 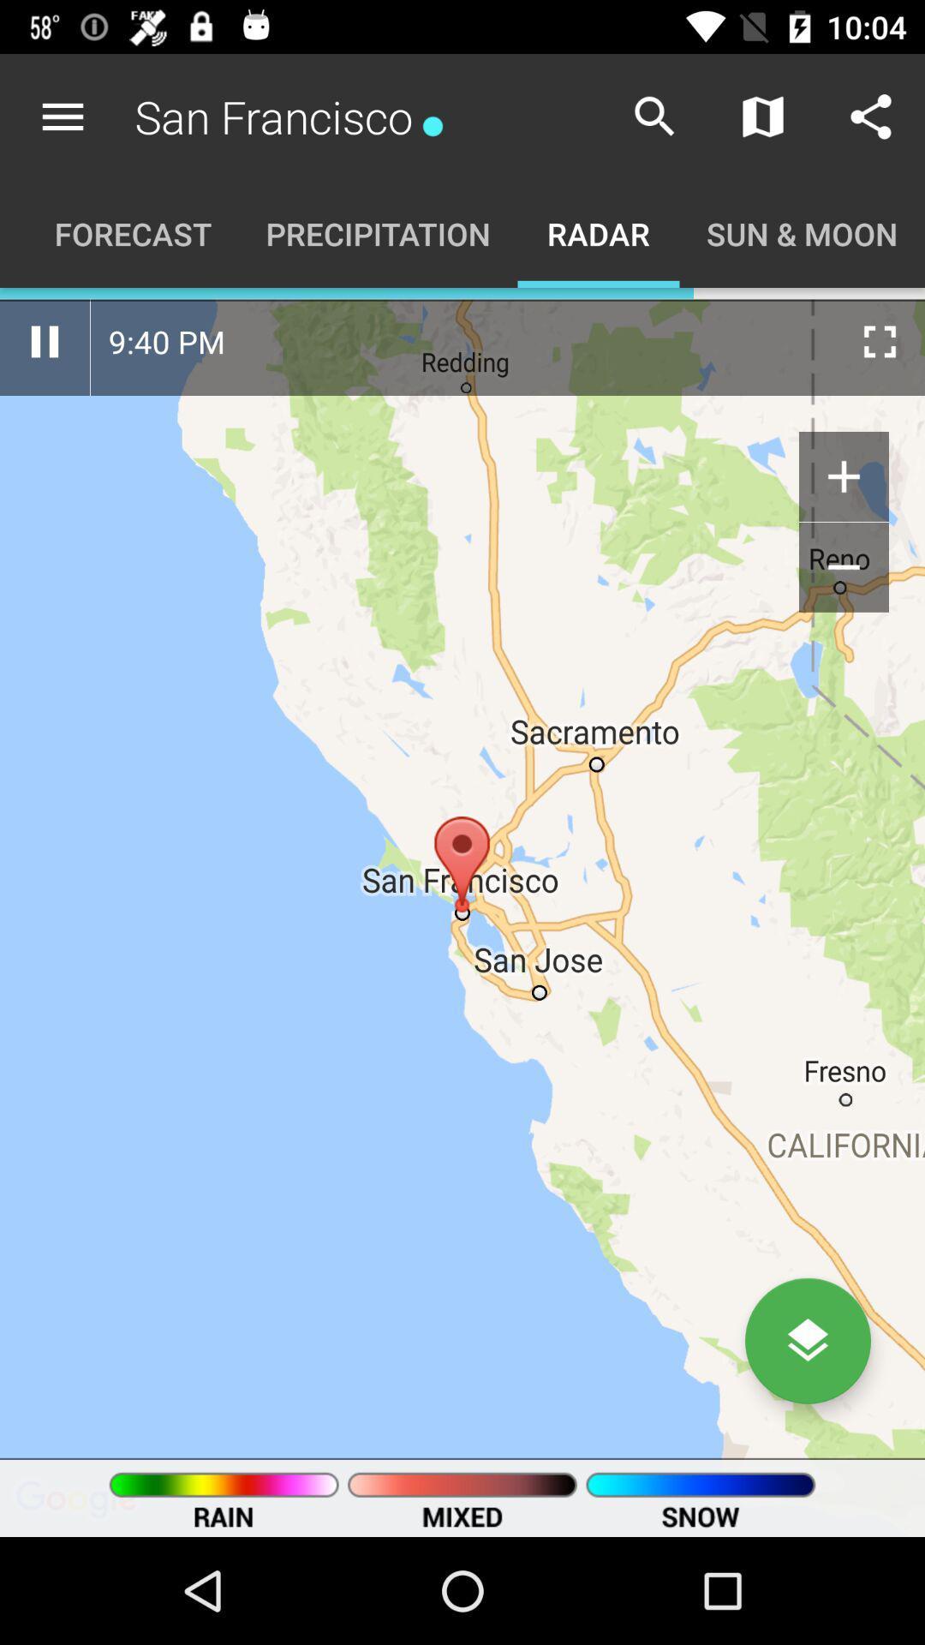 What do you see at coordinates (808, 1340) in the screenshot?
I see `the layers icon` at bounding box center [808, 1340].